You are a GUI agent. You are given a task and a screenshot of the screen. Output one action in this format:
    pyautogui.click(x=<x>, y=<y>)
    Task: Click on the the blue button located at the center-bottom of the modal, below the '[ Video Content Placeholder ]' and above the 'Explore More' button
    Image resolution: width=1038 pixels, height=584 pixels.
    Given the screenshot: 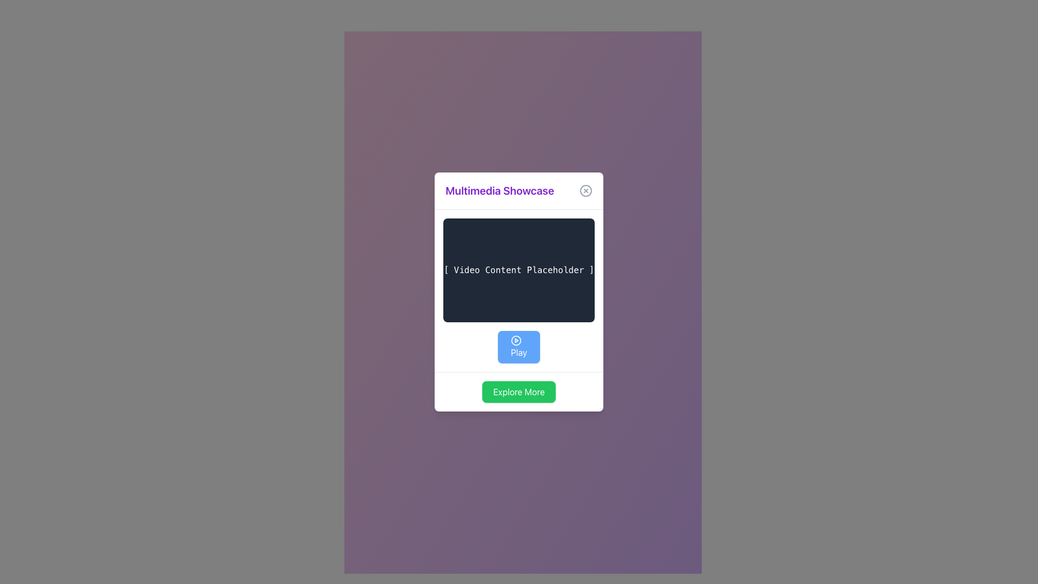 What is the action you would take?
    pyautogui.click(x=519, y=347)
    